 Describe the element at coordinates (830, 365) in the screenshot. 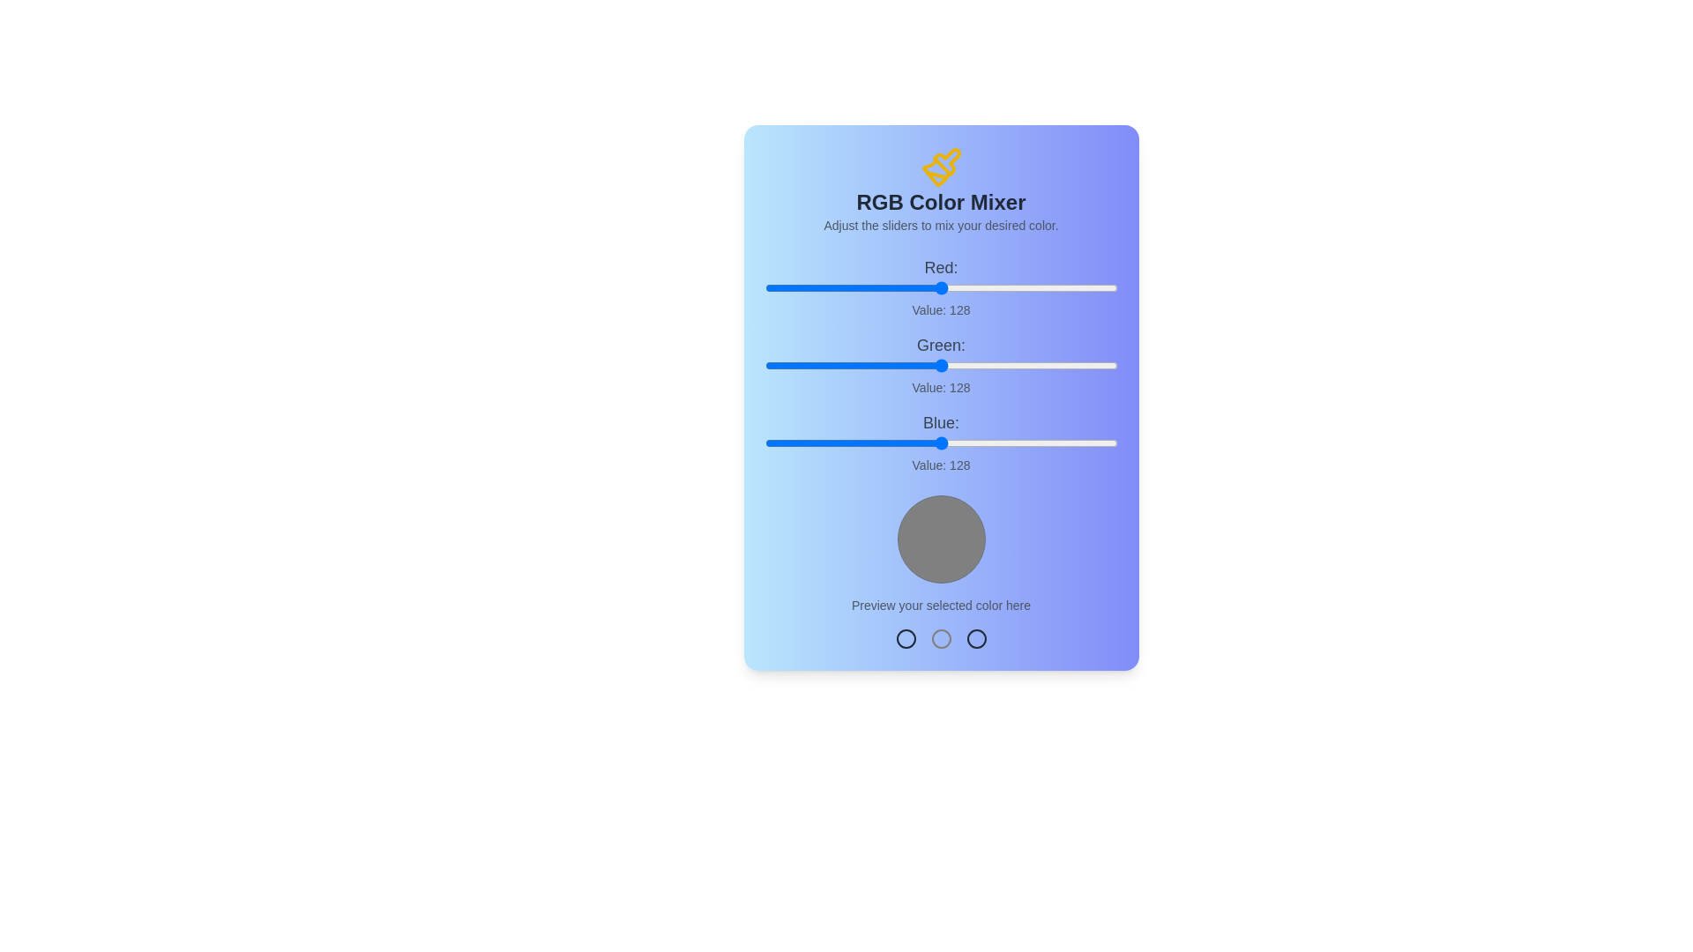

I see `the green slider to set the green value to 48` at that location.